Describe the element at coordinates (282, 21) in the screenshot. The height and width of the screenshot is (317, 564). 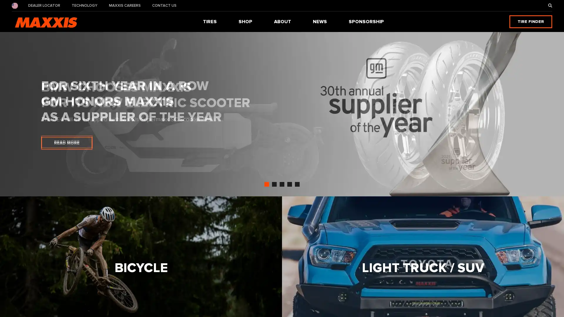
I see `ABOUT` at that location.